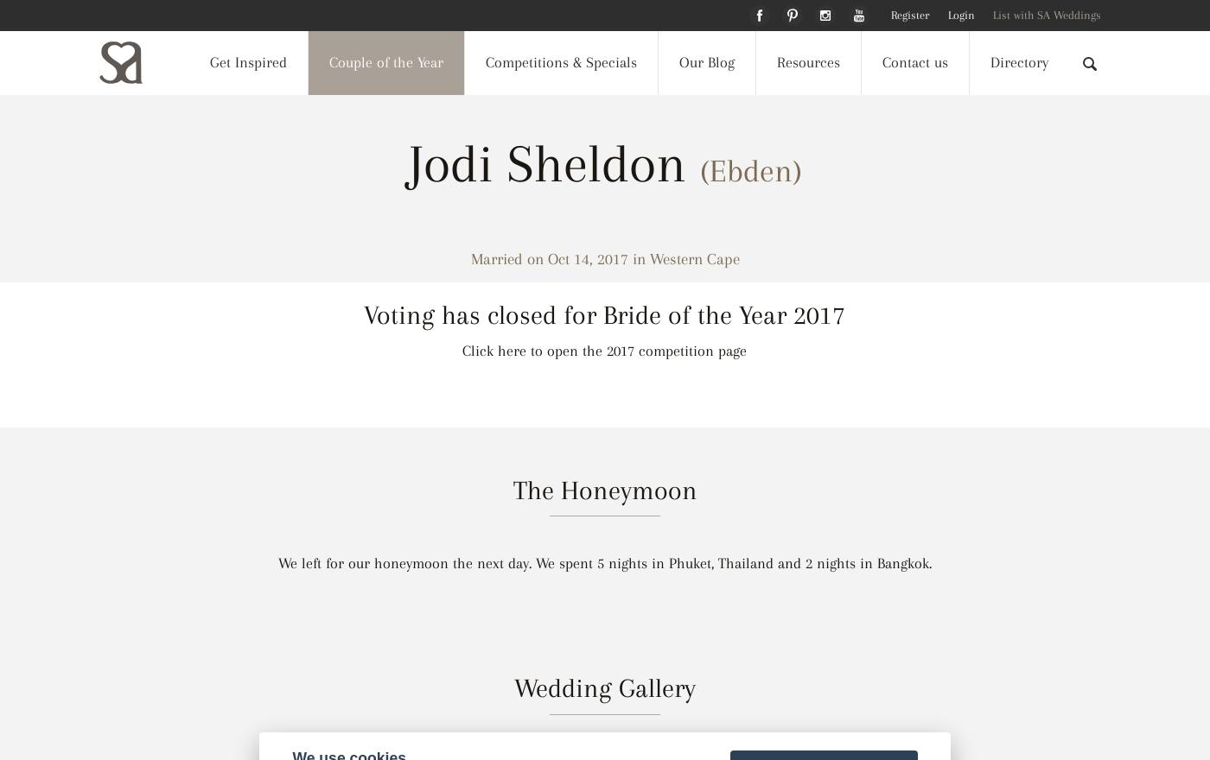 The height and width of the screenshot is (760, 1210). What do you see at coordinates (407, 162) in the screenshot?
I see `'Jodi Sheldon'` at bounding box center [407, 162].